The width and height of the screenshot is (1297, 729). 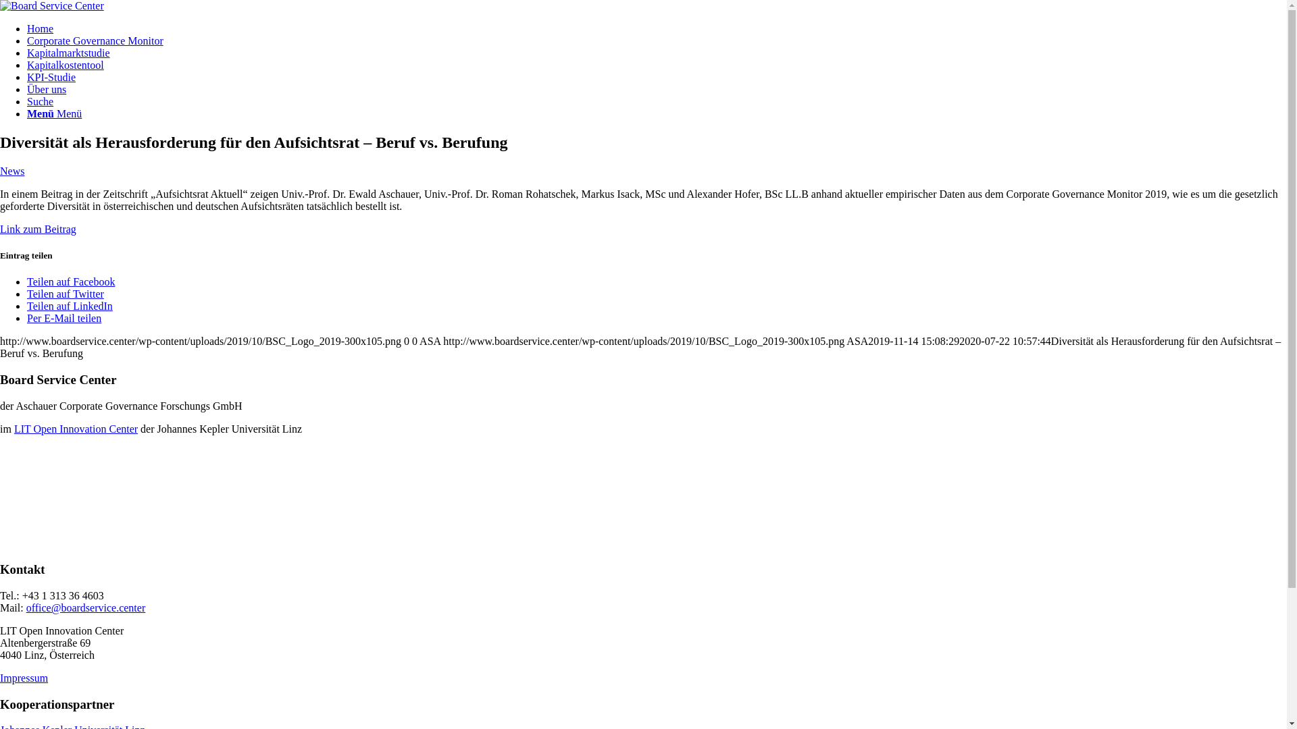 What do you see at coordinates (69, 306) in the screenshot?
I see `'Teilen auf LinkedIn'` at bounding box center [69, 306].